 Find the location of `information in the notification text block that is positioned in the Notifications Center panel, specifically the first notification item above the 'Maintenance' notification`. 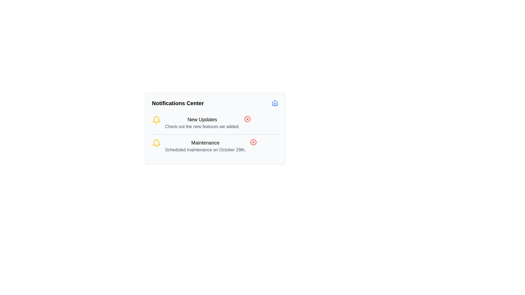

information in the notification text block that is positioned in the Notifications Center panel, specifically the first notification item above the 'Maintenance' notification is located at coordinates (202, 123).